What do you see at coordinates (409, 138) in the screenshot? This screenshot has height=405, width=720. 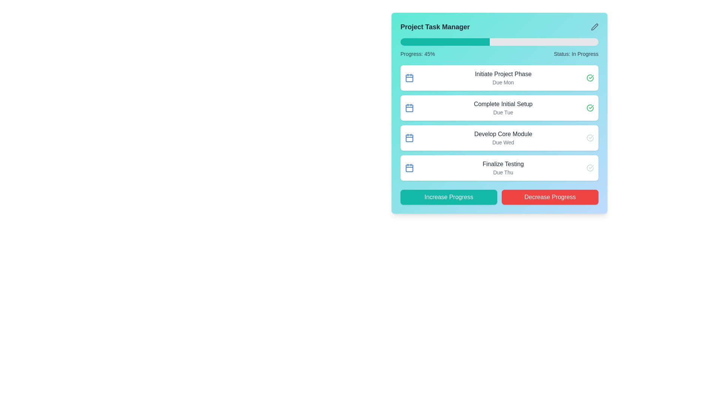 I see `the blue calendar icon located at the top-left corner of the card containing the text 'Develop Core Module' and 'Due Wed'` at bounding box center [409, 138].